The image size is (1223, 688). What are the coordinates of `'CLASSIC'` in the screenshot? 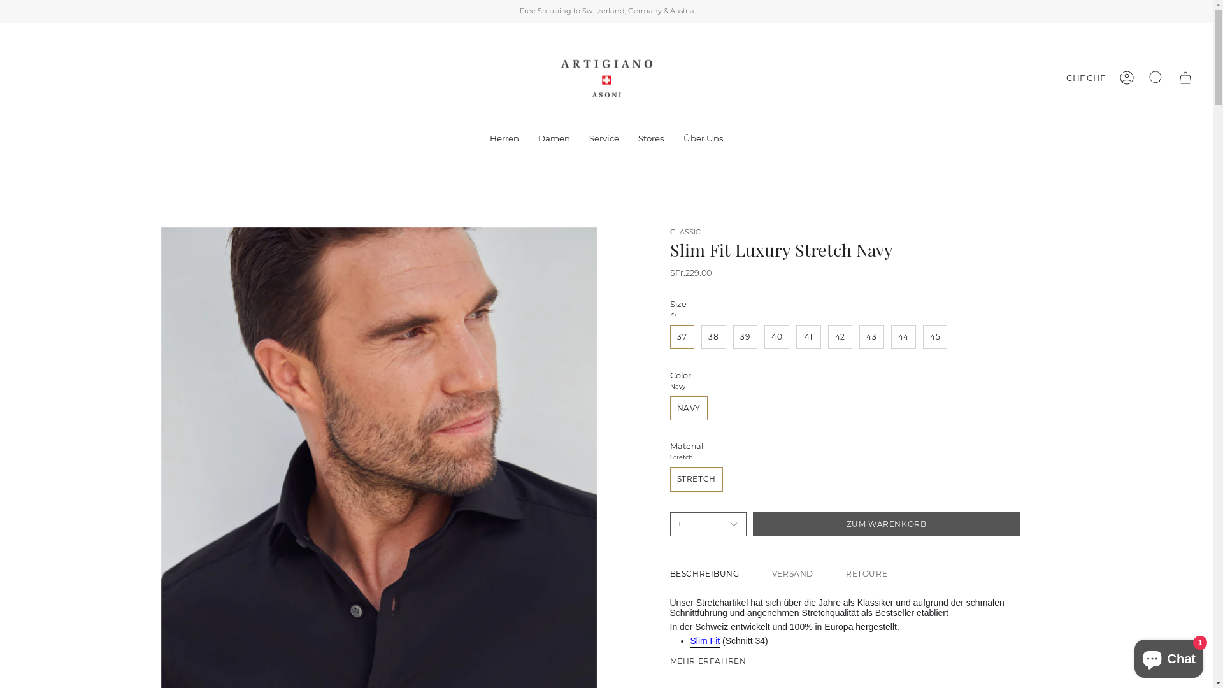 It's located at (684, 231).